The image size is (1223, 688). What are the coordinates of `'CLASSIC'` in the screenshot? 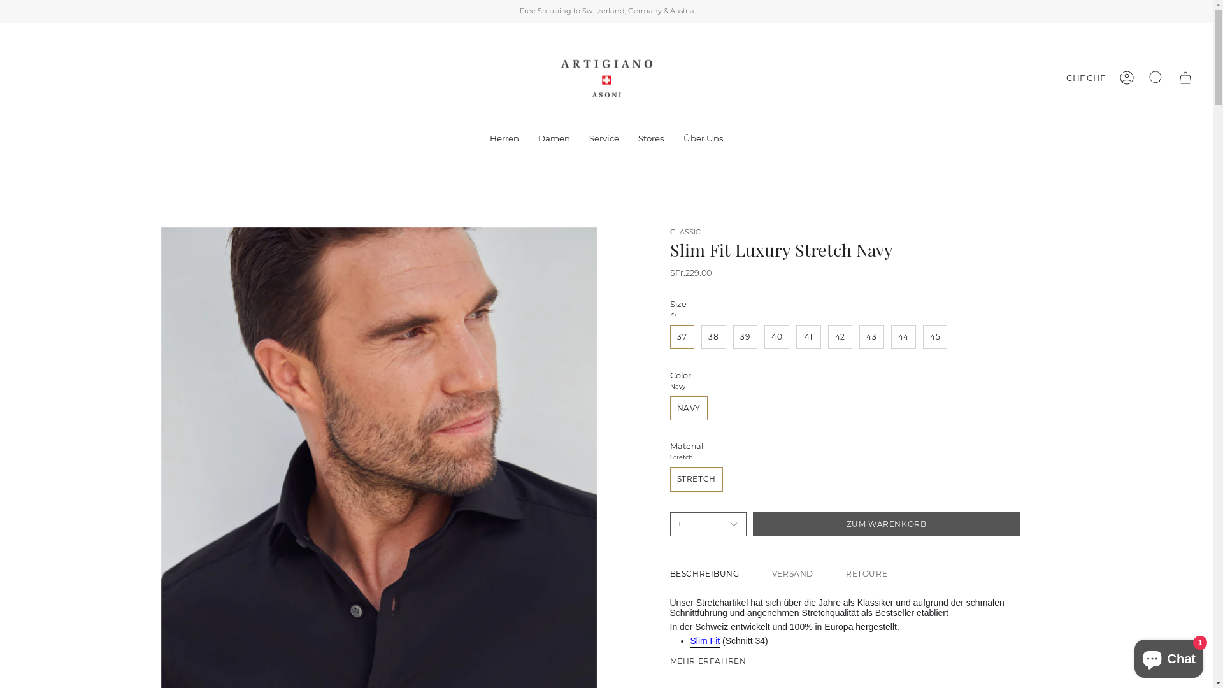 It's located at (684, 231).